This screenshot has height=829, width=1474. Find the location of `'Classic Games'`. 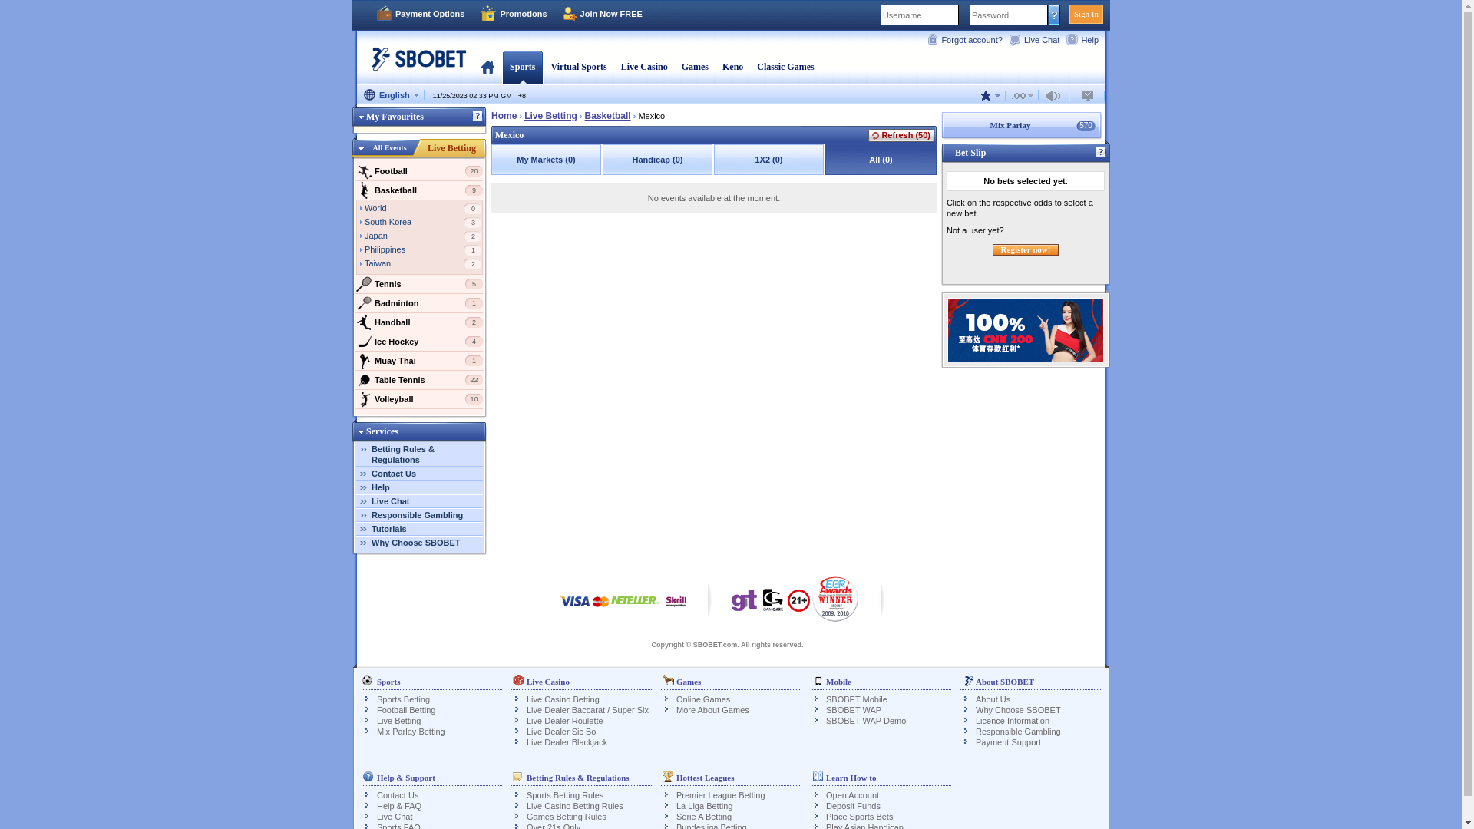

'Classic Games' is located at coordinates (785, 66).